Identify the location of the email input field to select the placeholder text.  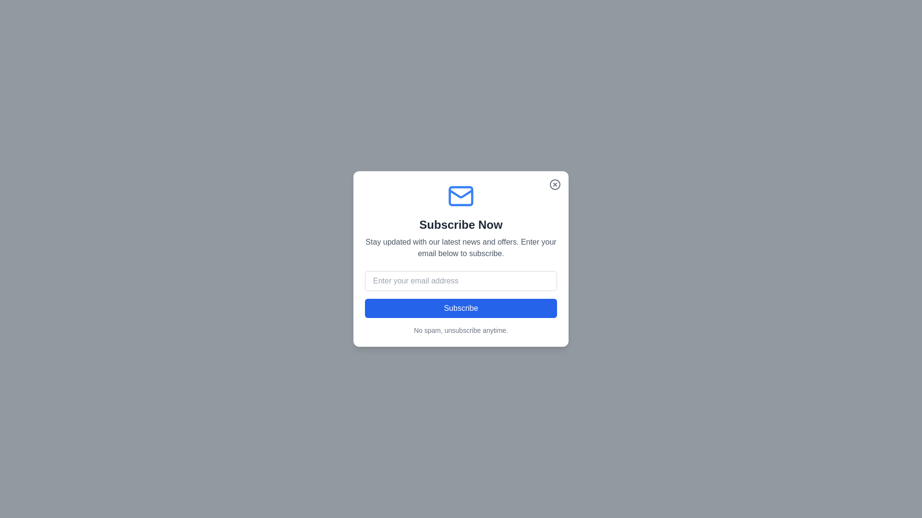
(461, 281).